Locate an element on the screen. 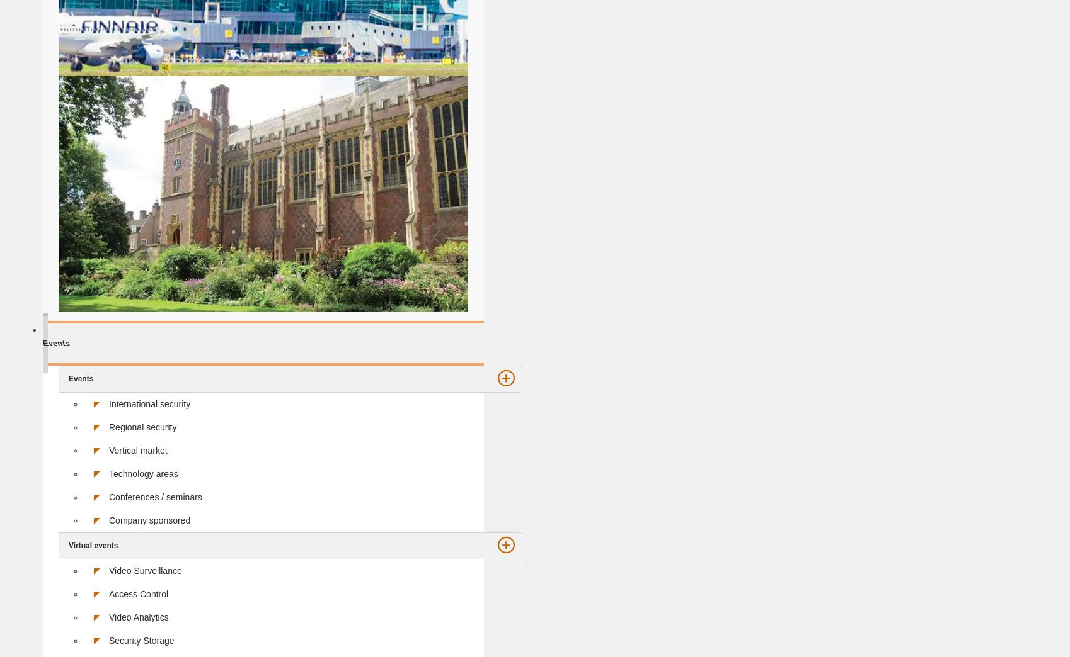  'Regional security' is located at coordinates (142, 425).